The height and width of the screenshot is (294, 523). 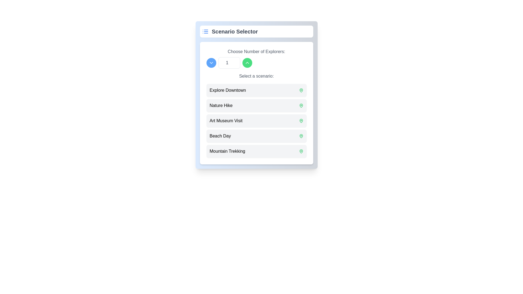 I want to click on the location marker icon associated with the 'Mountain Trekking' option in the vertical list of selectable options, so click(x=301, y=151).